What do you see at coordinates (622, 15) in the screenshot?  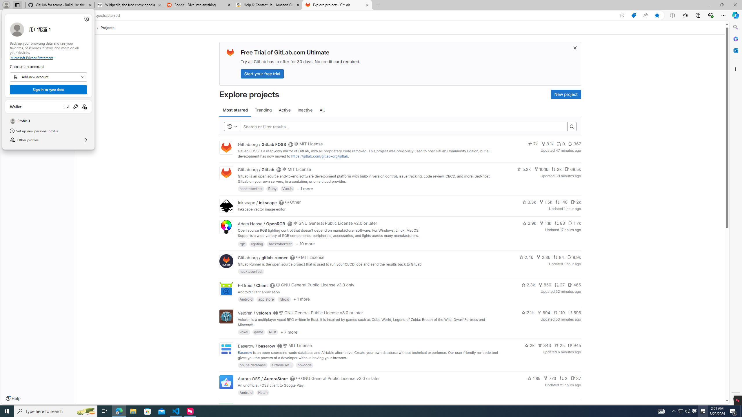 I see `'Open in app'` at bounding box center [622, 15].